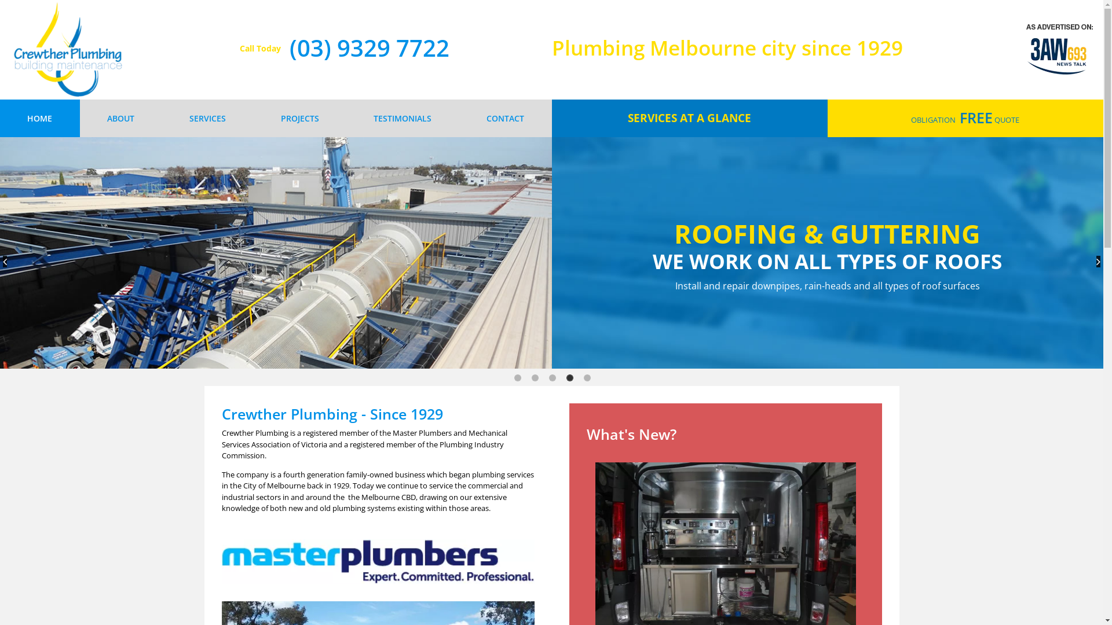 Image resolution: width=1112 pixels, height=625 pixels. Describe the element at coordinates (458, 118) in the screenshot. I see `'CONTACT'` at that location.